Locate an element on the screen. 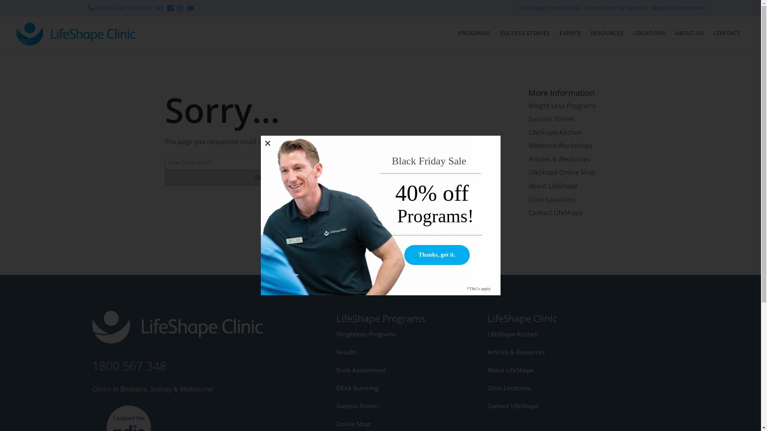  'LifeShape Kitchen' is located at coordinates (516, 334).